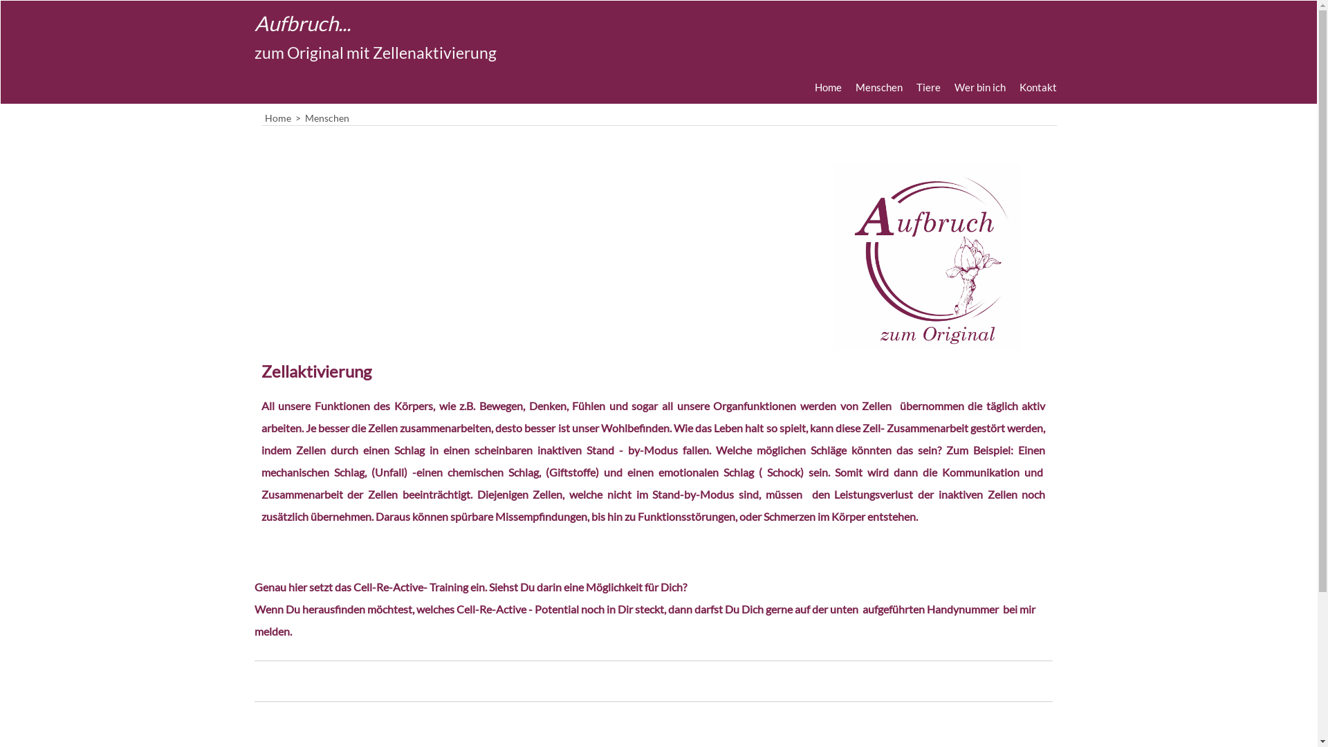  Describe the element at coordinates (255, 24) in the screenshot. I see `'Aufbruch...'` at that location.